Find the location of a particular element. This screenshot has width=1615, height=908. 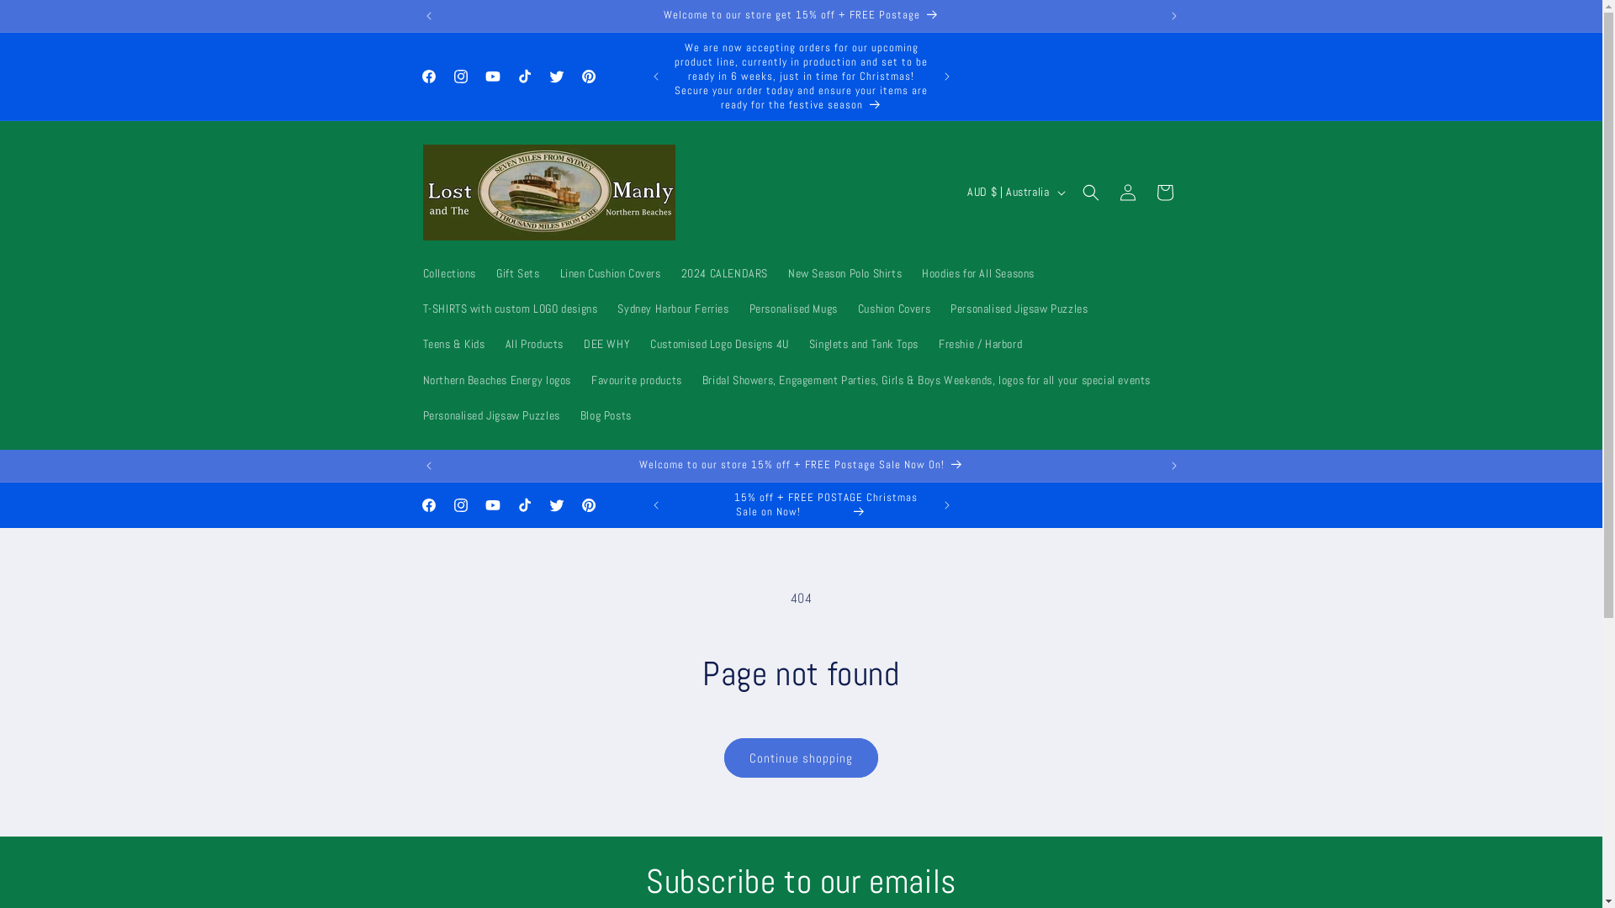

'Singlets and Tank Tops' is located at coordinates (864, 342).